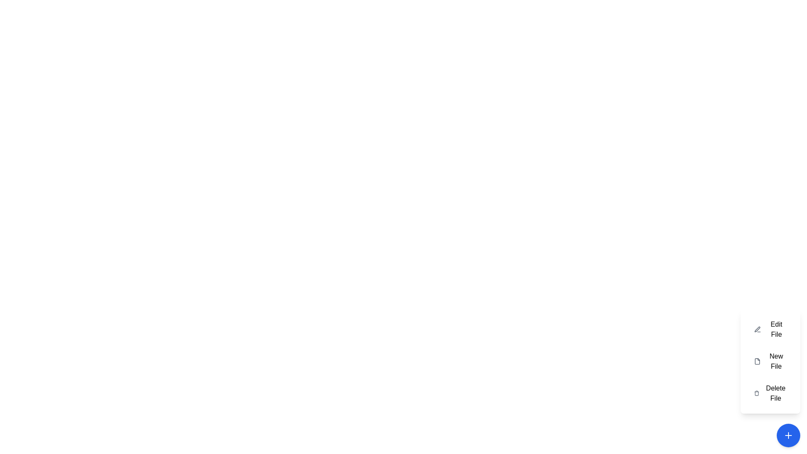 This screenshot has height=454, width=807. Describe the element at coordinates (770, 329) in the screenshot. I see `the 'Edit File' button located at the top of the vertical menu, which features an icon on the left and the label text 'Edit File' on the right` at that location.